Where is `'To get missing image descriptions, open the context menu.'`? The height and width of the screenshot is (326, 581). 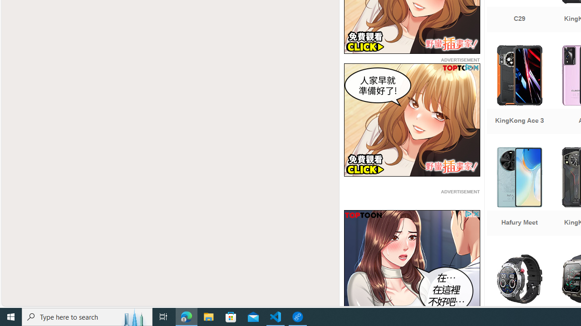 'To get missing image descriptions, open the context menu.' is located at coordinates (411, 266).